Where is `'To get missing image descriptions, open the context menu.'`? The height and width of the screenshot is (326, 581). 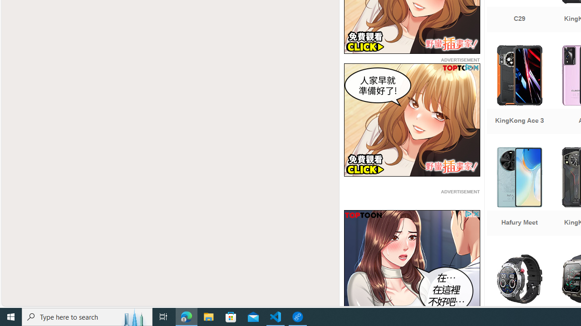 'To get missing image descriptions, open the context menu.' is located at coordinates (411, 266).